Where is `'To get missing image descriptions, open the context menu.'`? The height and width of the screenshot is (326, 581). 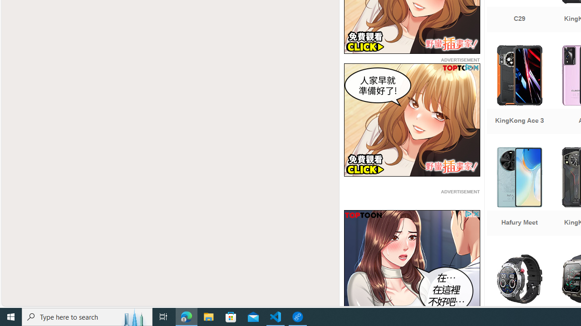 'To get missing image descriptions, open the context menu.' is located at coordinates (411, 266).